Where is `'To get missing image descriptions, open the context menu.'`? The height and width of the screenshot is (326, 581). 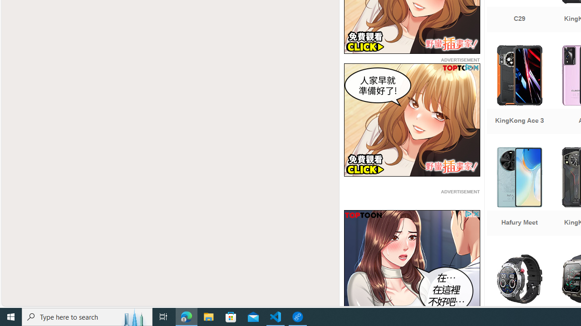 'To get missing image descriptions, open the context menu.' is located at coordinates (411, 266).